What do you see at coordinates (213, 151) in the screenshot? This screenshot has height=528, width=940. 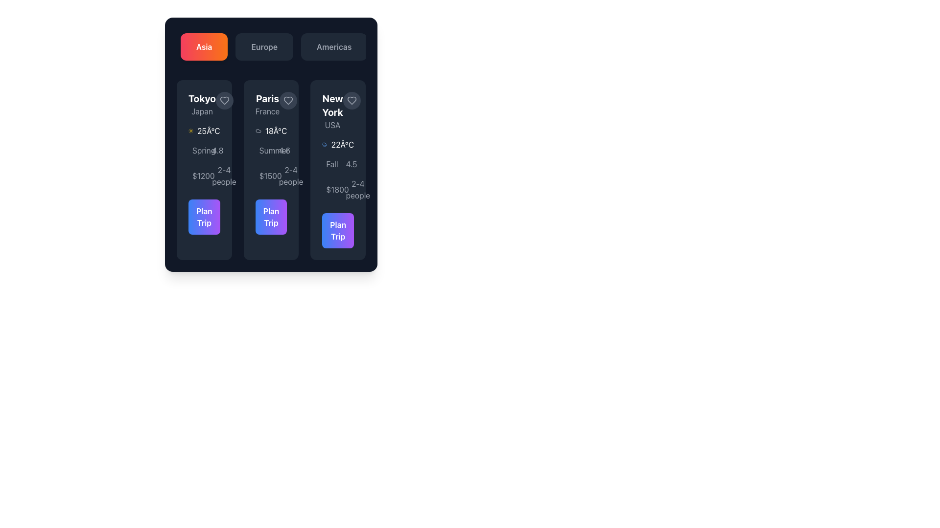 I see `the numeric rating '4.8' displayed in gray tone, located under the 'Tokyo' heading and below 'Spring'` at bounding box center [213, 151].